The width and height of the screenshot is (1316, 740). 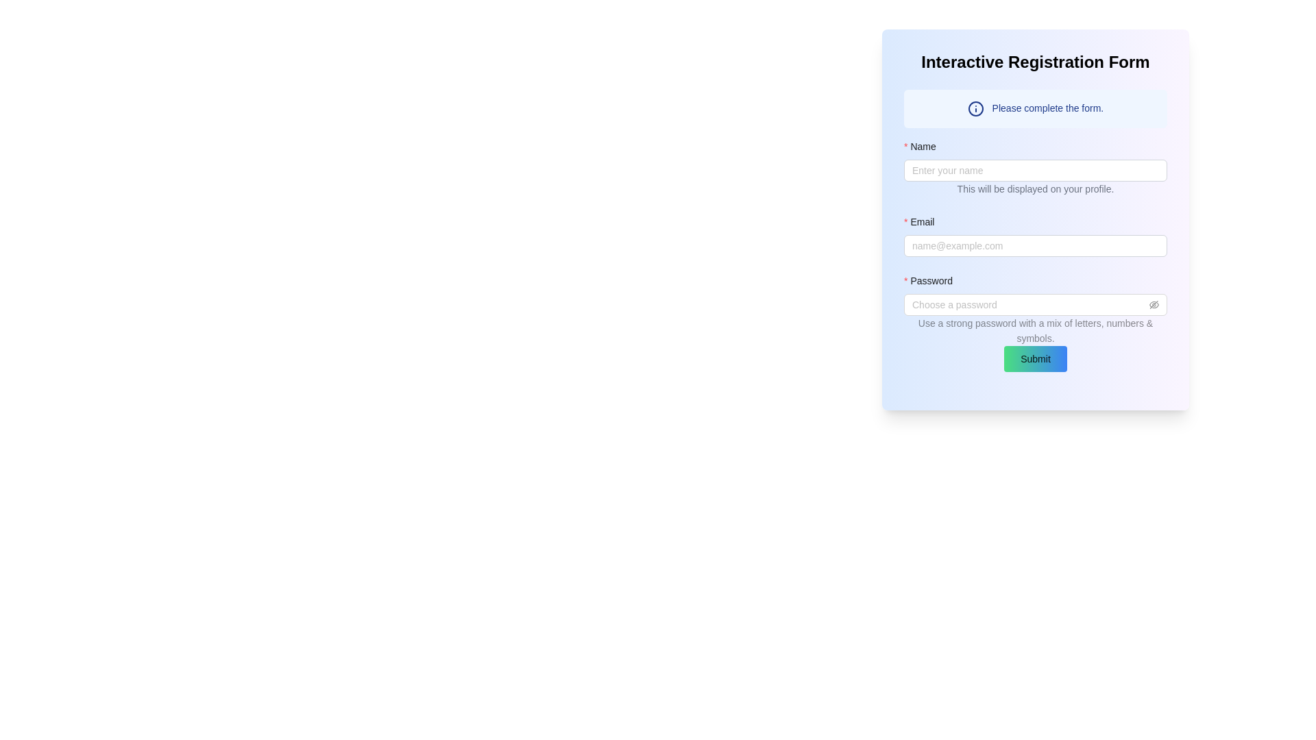 What do you see at coordinates (1036, 309) in the screenshot?
I see `inside the Password input field with visibility toggle to focus it, located in the third row of the form, below the 'Email' input field and above the 'Submit' button` at bounding box center [1036, 309].